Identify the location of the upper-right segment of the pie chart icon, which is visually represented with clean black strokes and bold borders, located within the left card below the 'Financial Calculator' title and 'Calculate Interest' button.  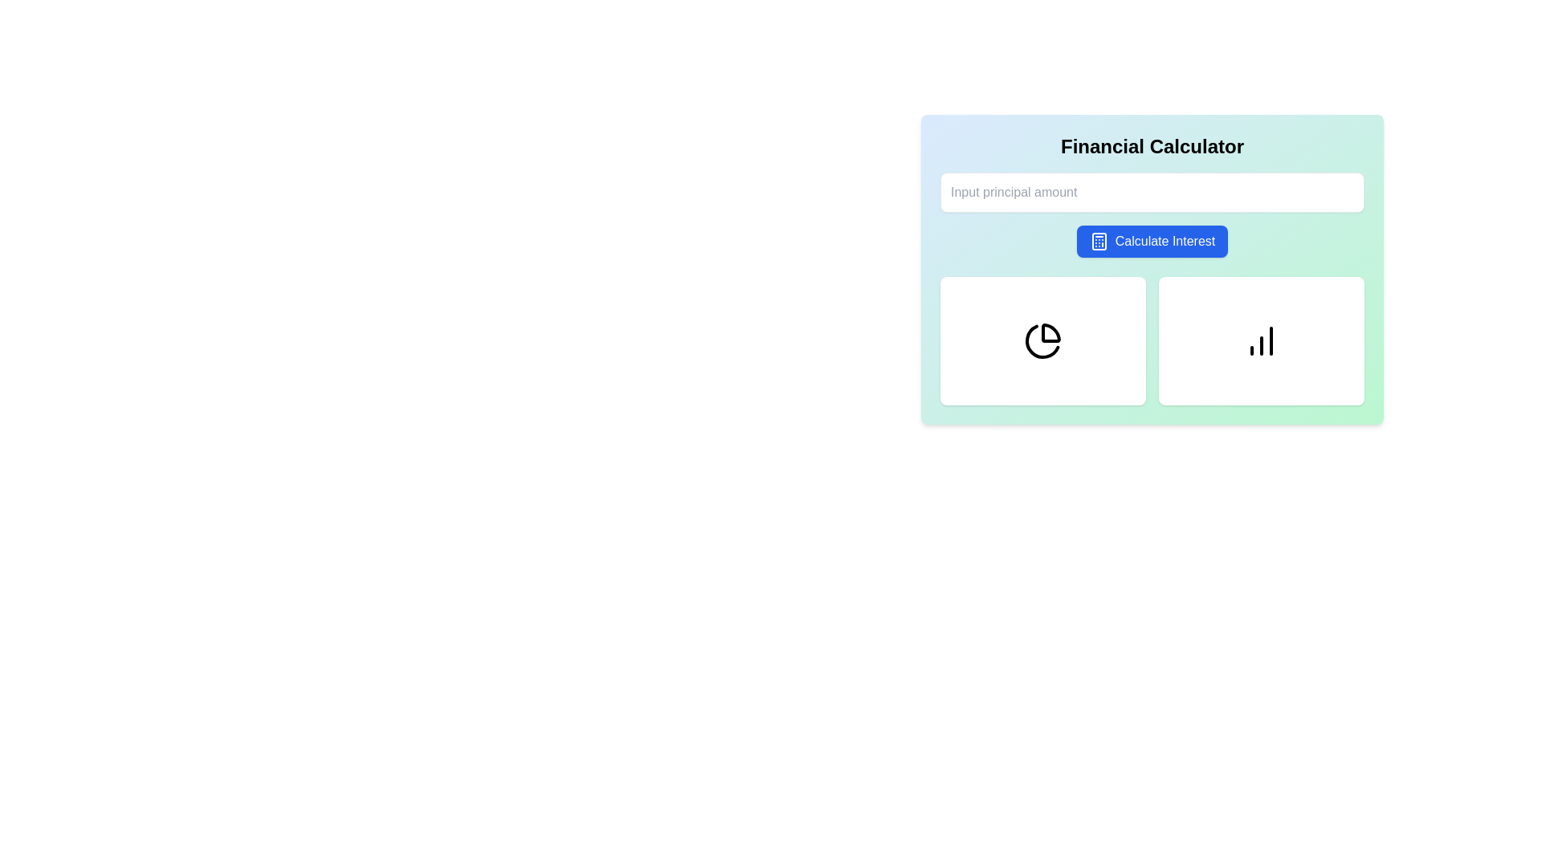
(1050, 332).